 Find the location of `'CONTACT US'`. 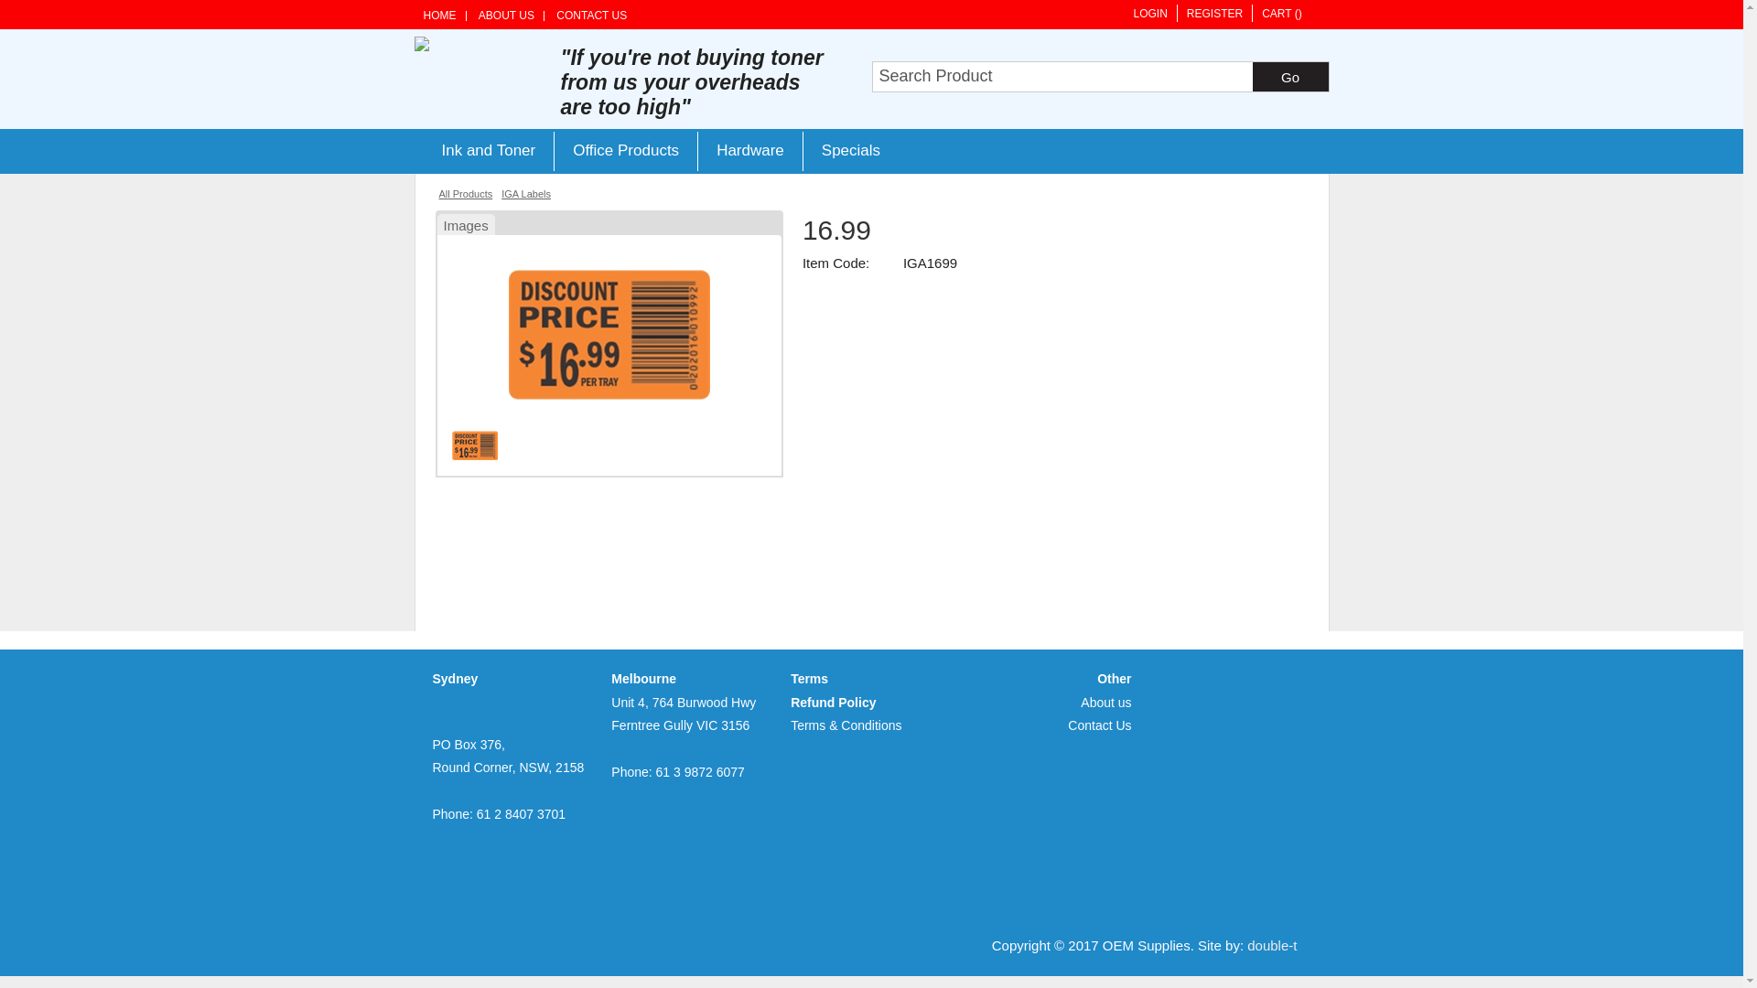

'CONTACT US' is located at coordinates (591, 16).